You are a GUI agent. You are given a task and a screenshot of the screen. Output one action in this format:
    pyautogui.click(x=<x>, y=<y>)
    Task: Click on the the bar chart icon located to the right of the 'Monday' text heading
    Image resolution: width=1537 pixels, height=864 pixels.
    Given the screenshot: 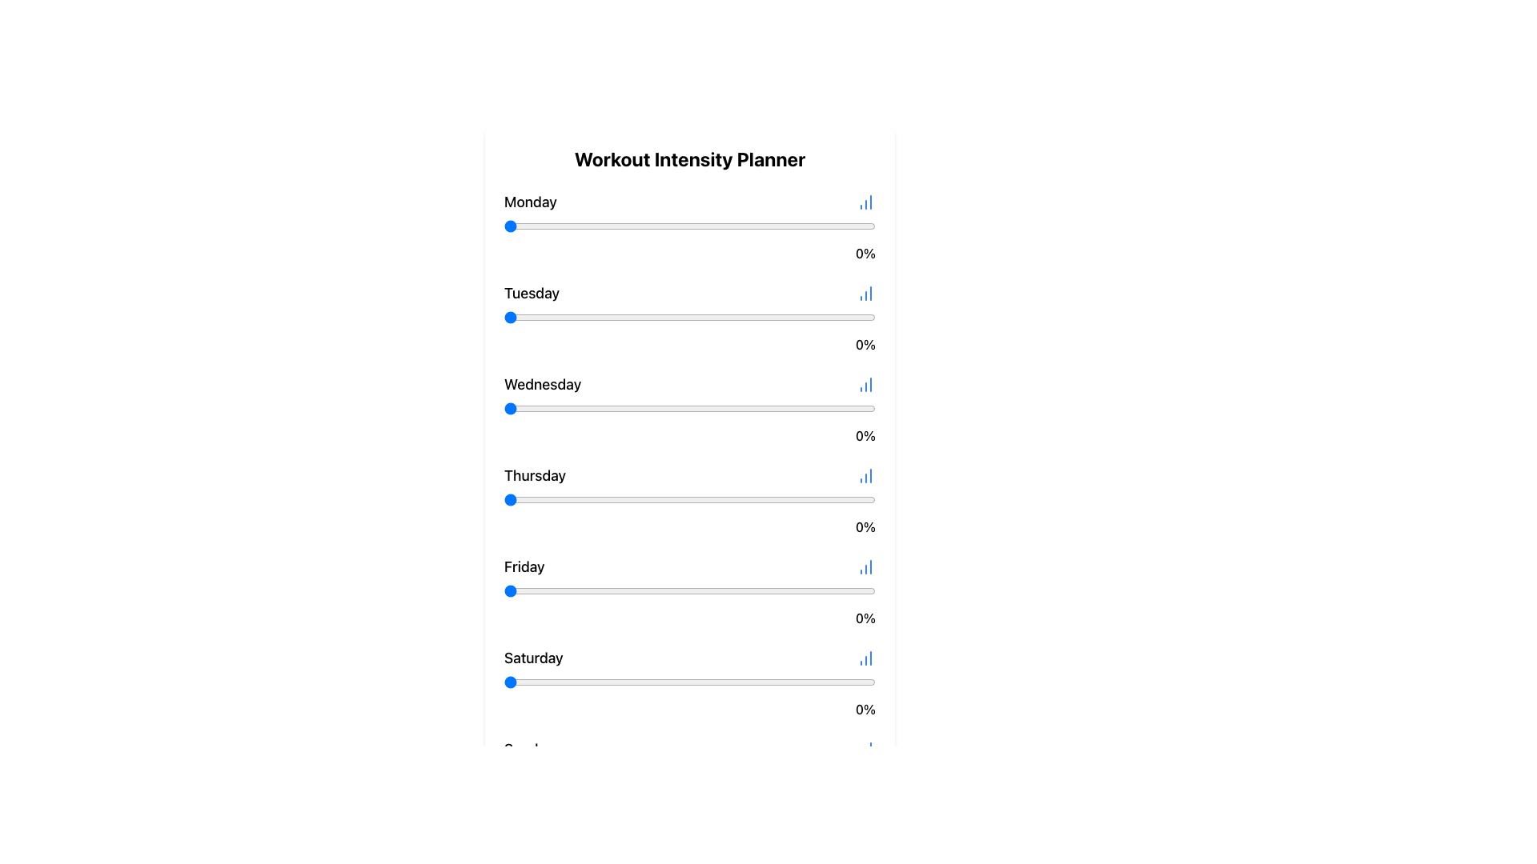 What is the action you would take?
    pyautogui.click(x=865, y=202)
    